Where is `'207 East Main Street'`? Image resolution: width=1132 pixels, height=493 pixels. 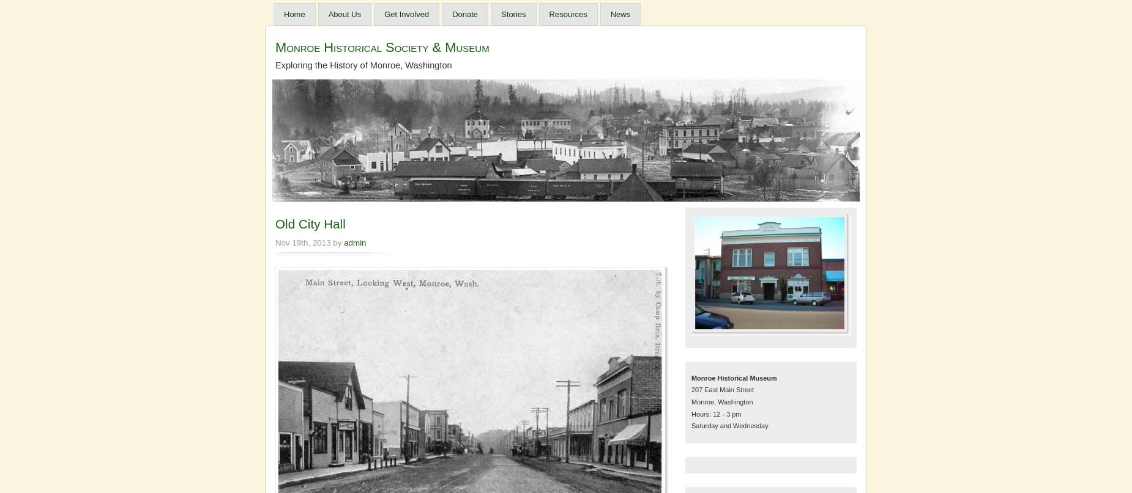 '207 East Main Street' is located at coordinates (722, 389).